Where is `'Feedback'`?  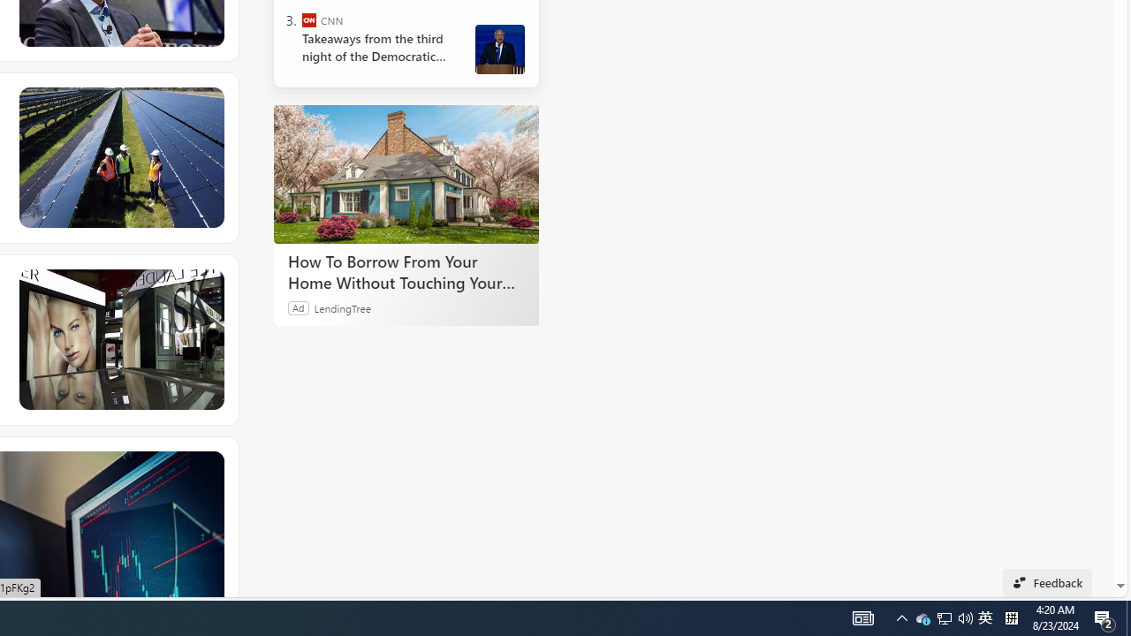 'Feedback' is located at coordinates (1047, 582).